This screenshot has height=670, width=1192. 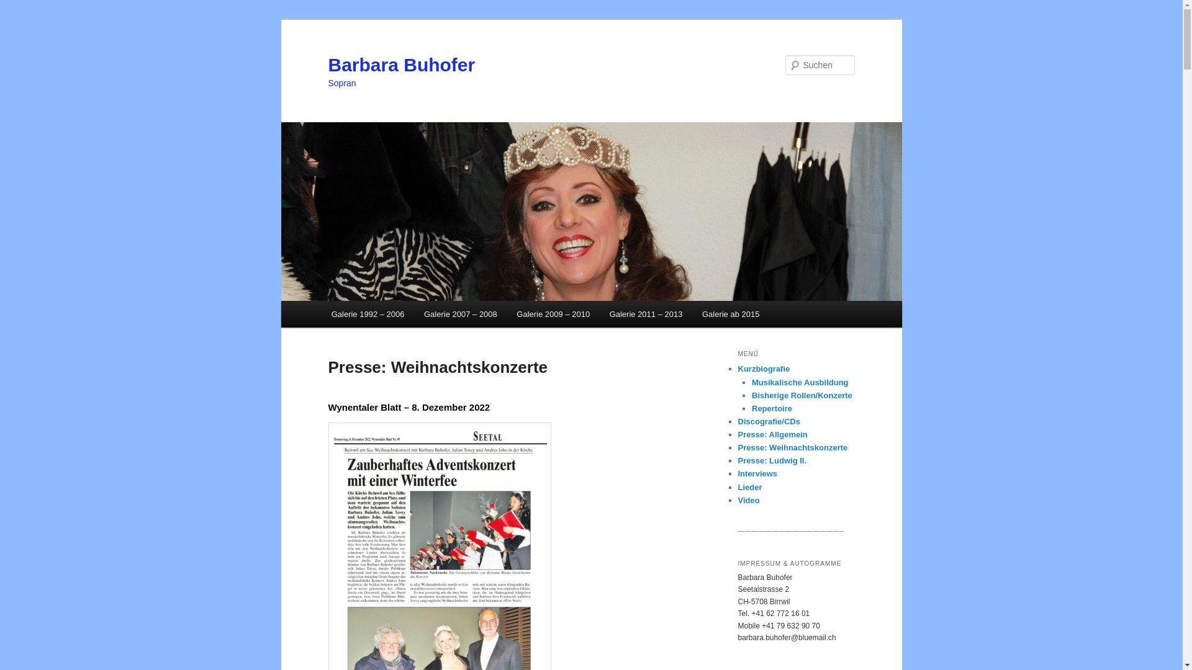 I want to click on 'Presse: Weihnachtskonzerte', so click(x=792, y=447).